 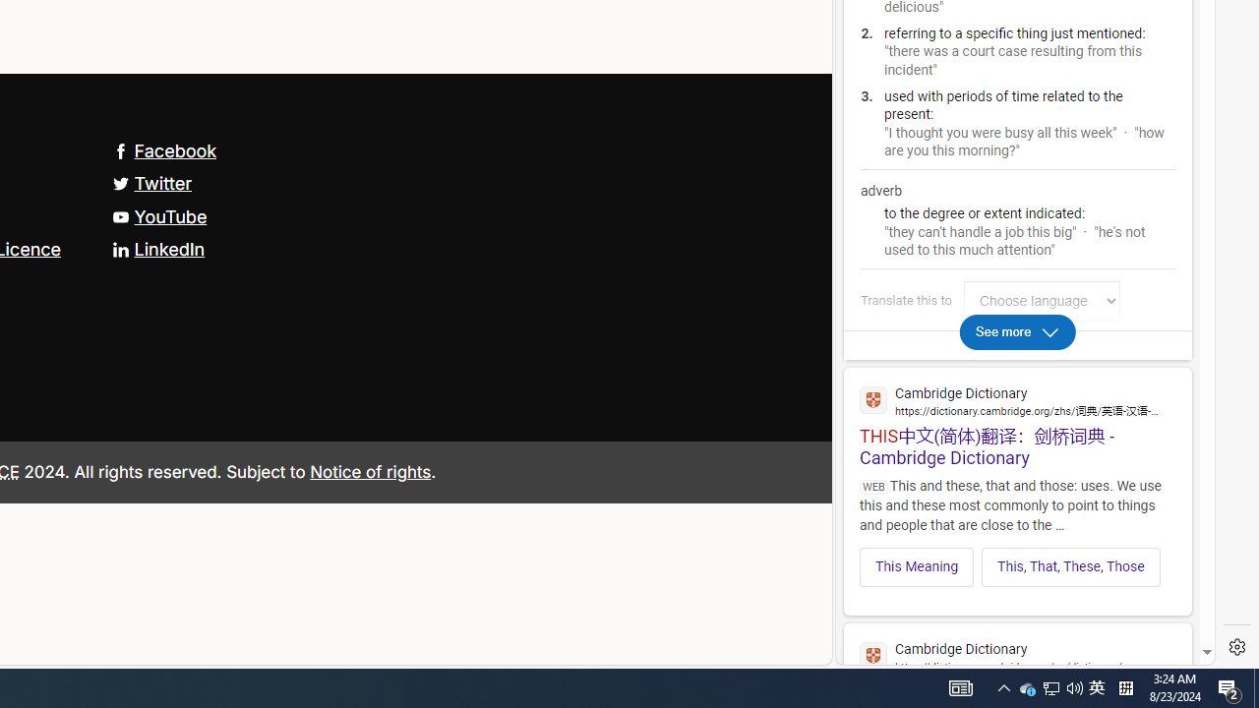 I want to click on 'This Meaning', so click(x=916, y=566).